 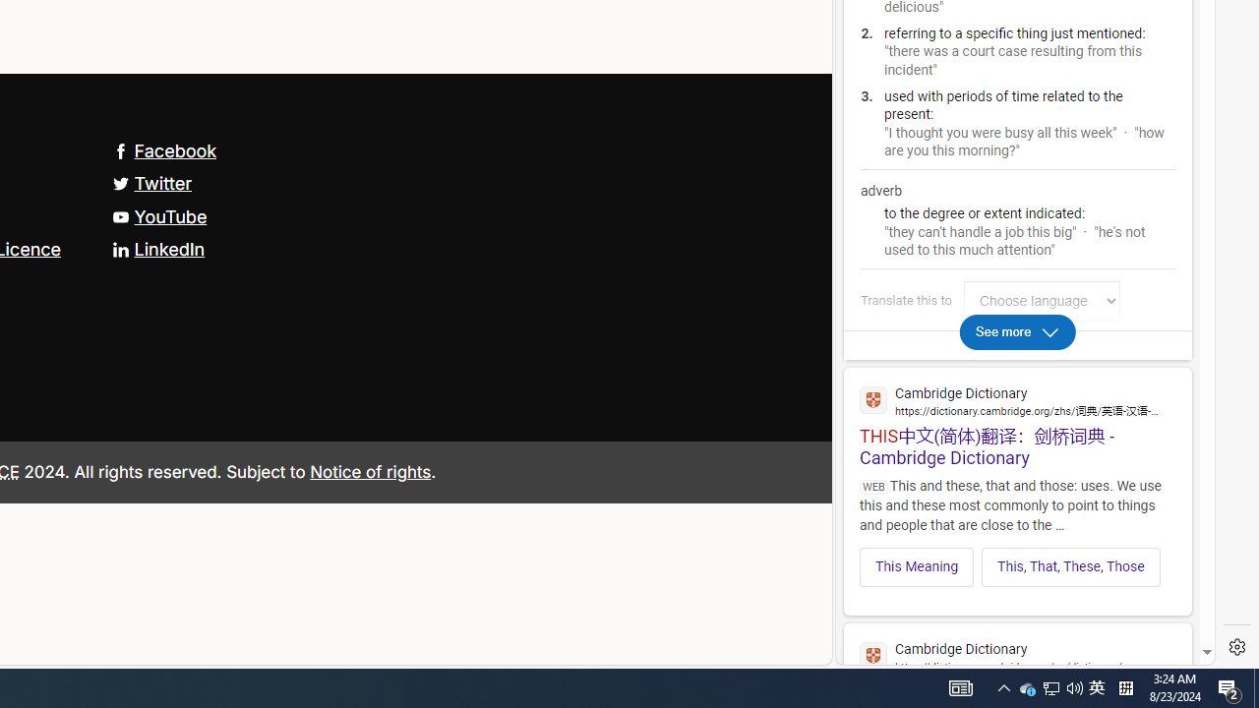 I want to click on 'This Meaning', so click(x=916, y=566).